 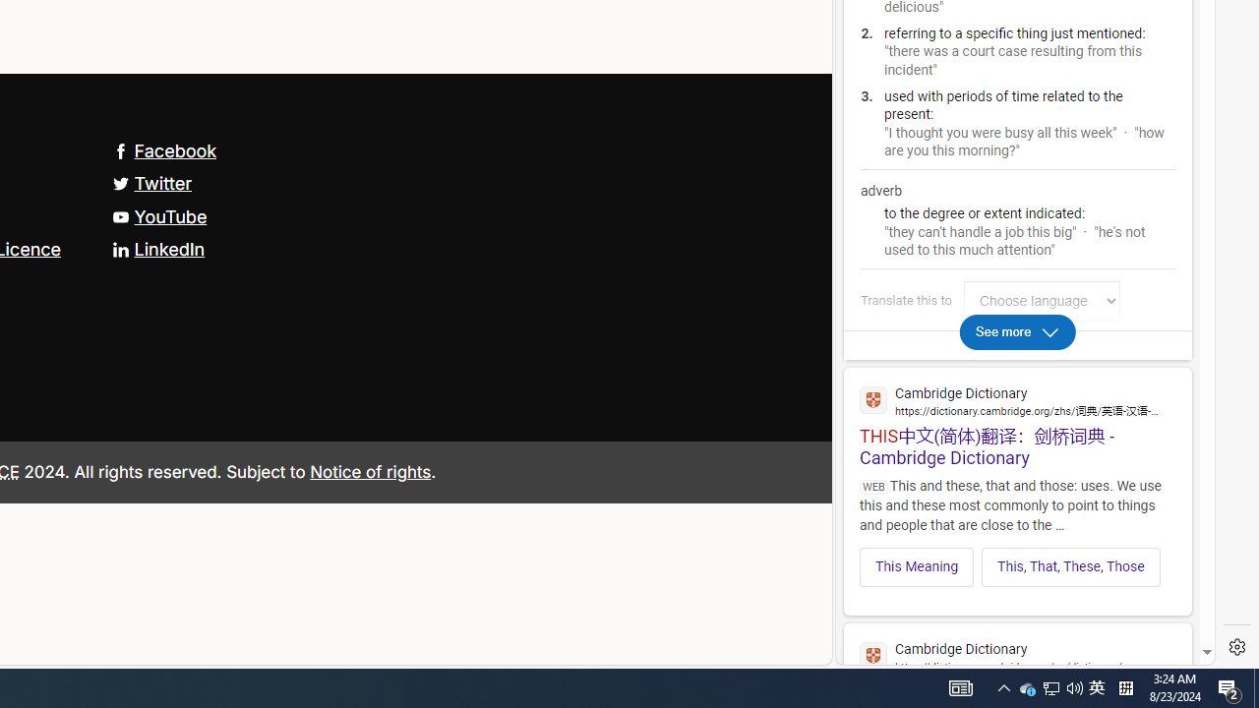 I want to click on 'This Meaning', so click(x=916, y=566).